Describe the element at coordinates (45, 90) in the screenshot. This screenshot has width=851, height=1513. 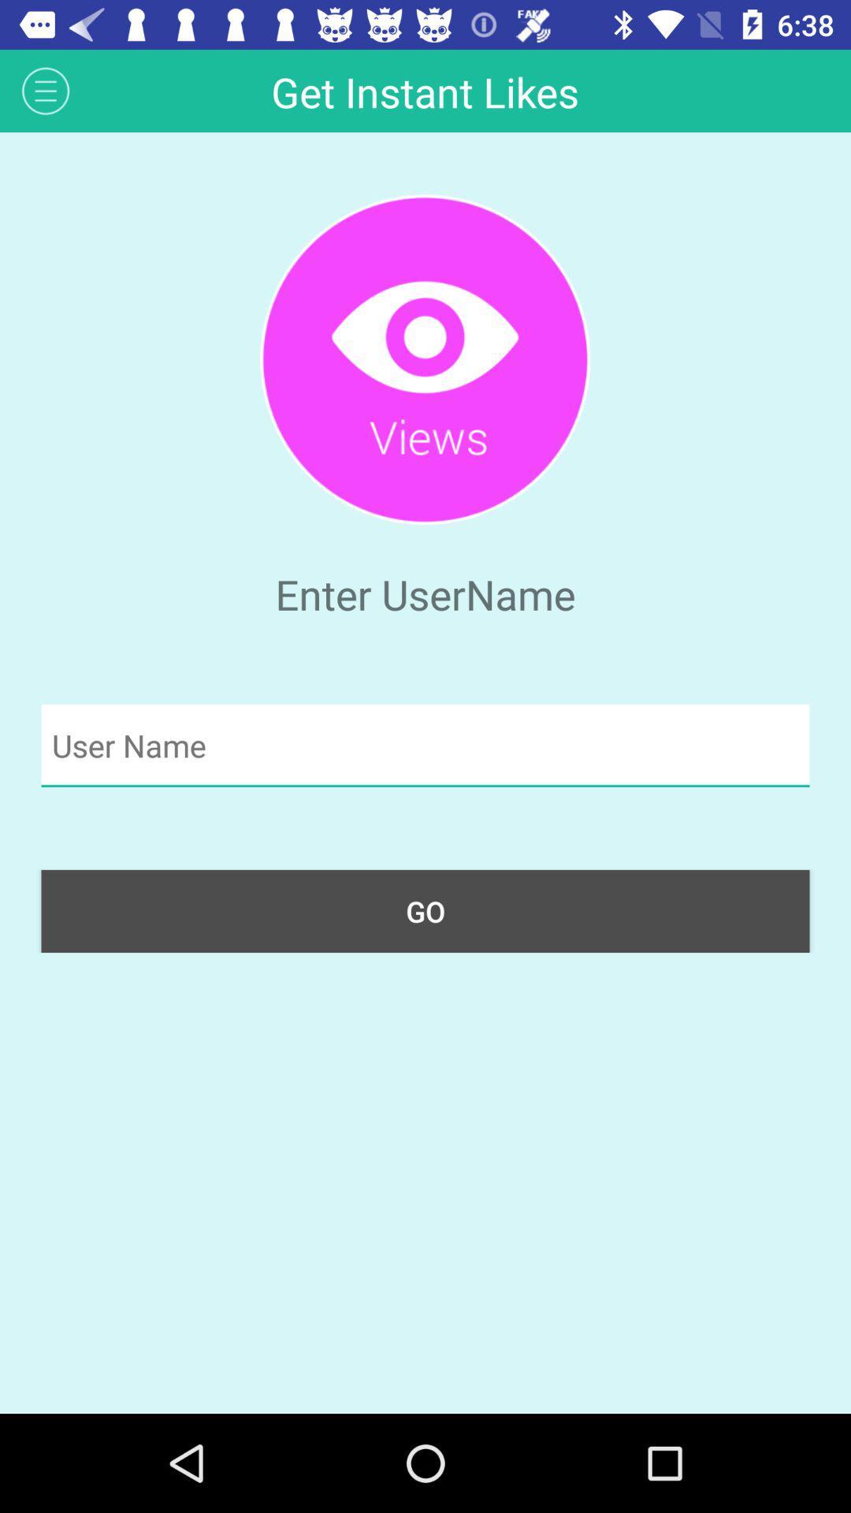
I see `icon to the left of get instant likes` at that location.